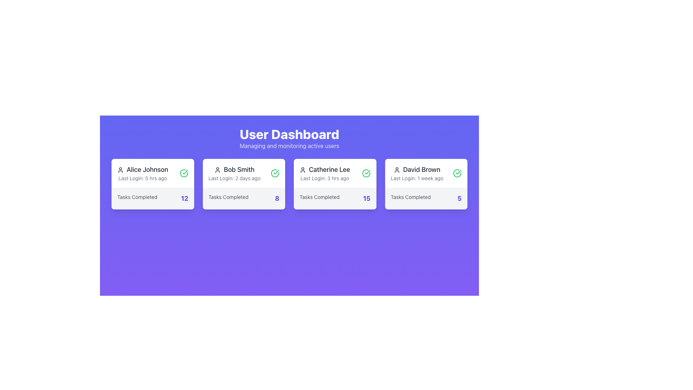 Image resolution: width=693 pixels, height=390 pixels. I want to click on the user profile icon located in the second card under the 'User Dashboard' title, which depicts the user 'Bob Smith', so click(217, 170).